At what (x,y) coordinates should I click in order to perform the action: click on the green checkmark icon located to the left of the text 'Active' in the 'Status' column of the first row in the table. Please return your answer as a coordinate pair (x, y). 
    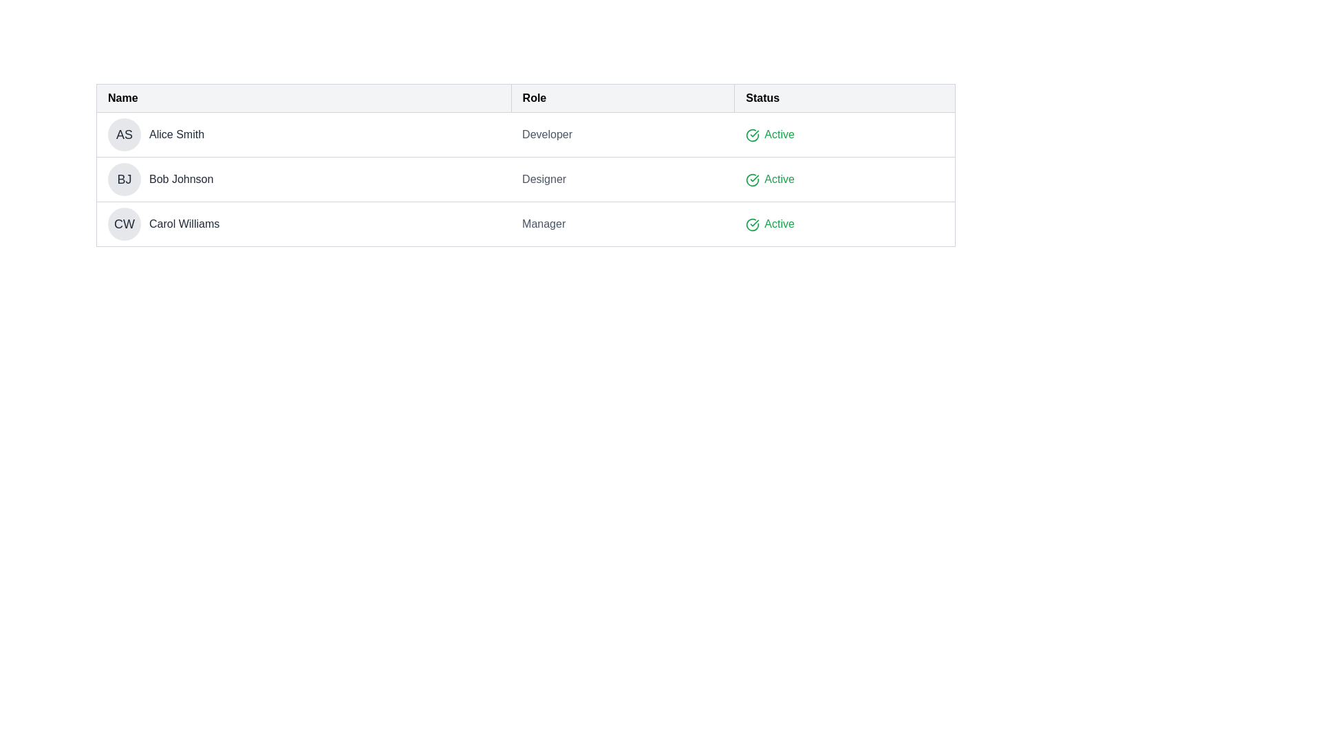
    Looking at the image, I should click on (751, 135).